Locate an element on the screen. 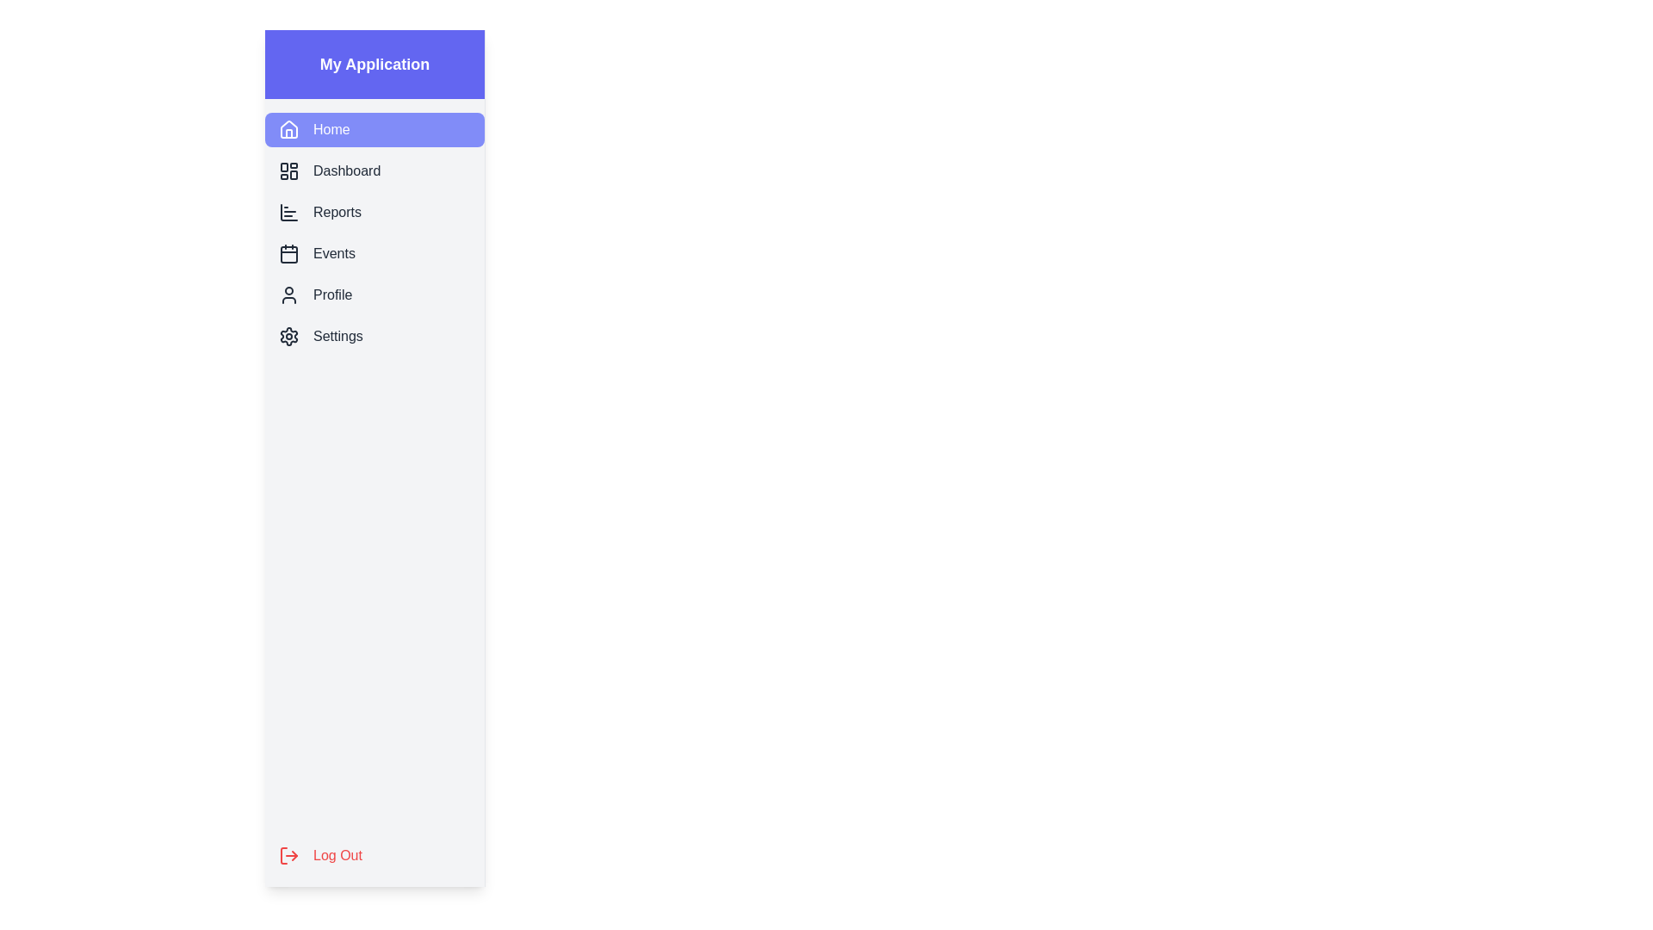 The image size is (1653, 930). the 'Log Out' icon located at the bottom-left of the vertical sidebar menu, which visually indicates the 'Log Out' action is located at coordinates (289, 856).